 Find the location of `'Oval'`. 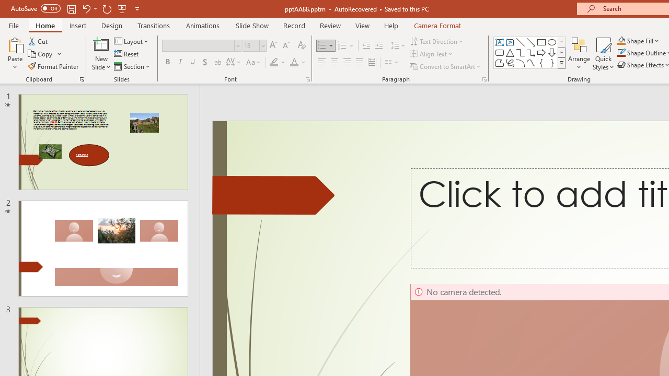

'Oval' is located at coordinates (551, 42).